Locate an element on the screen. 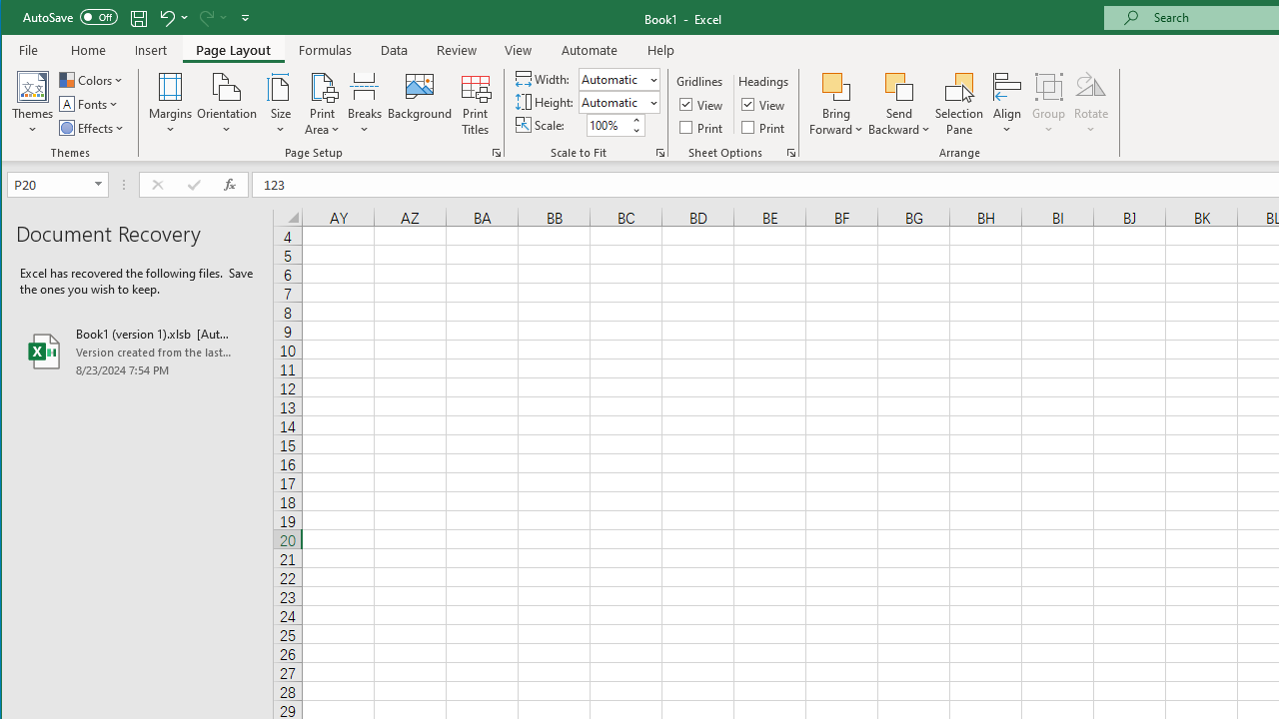  'Send Backward' is located at coordinates (898, 104).